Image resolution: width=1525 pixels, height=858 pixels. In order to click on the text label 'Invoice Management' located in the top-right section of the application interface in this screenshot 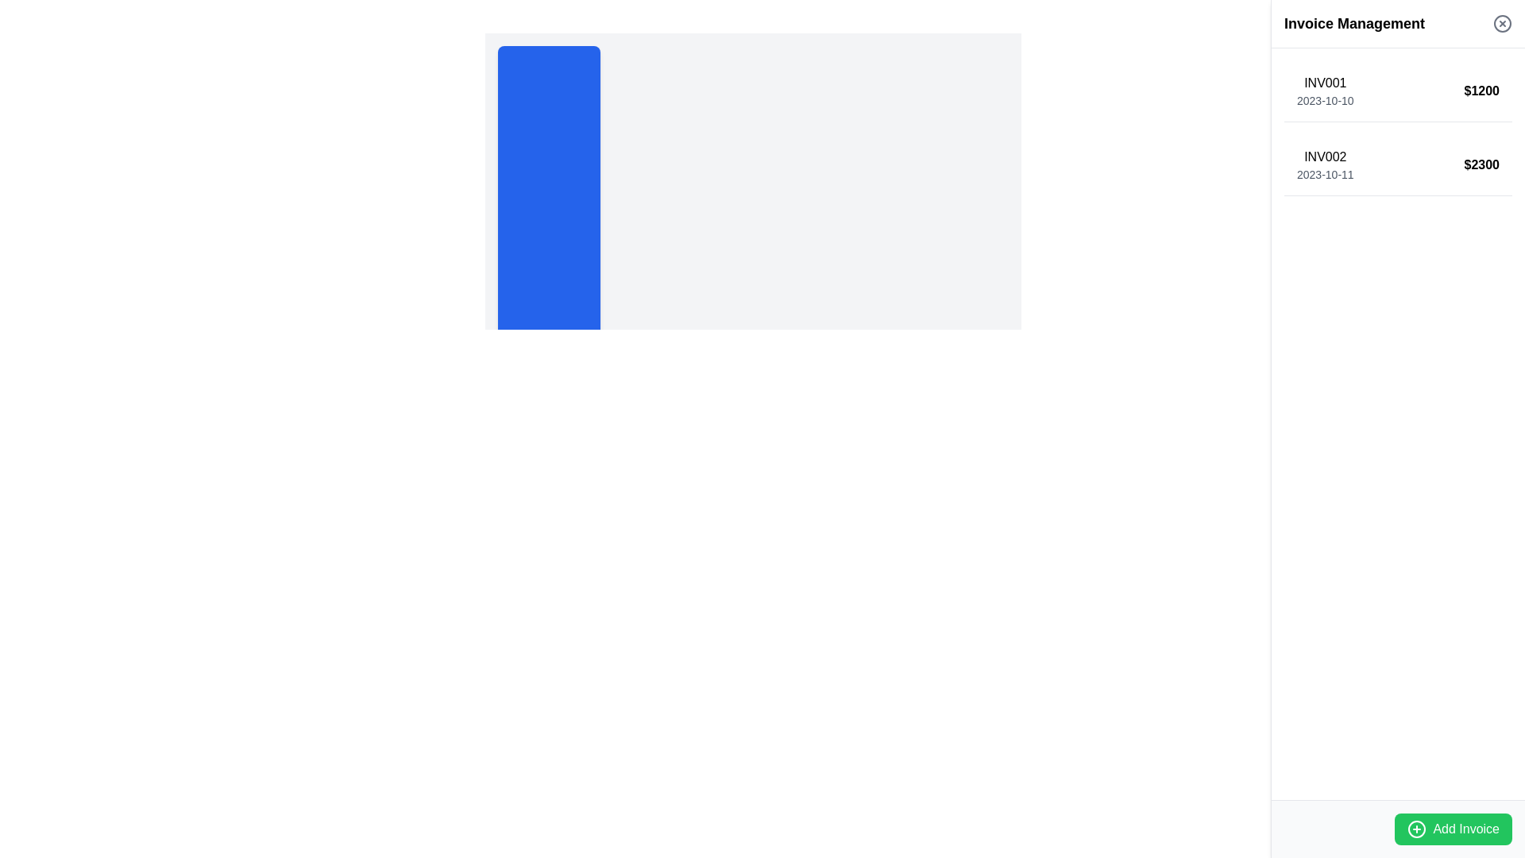, I will do `click(1353, 24)`.